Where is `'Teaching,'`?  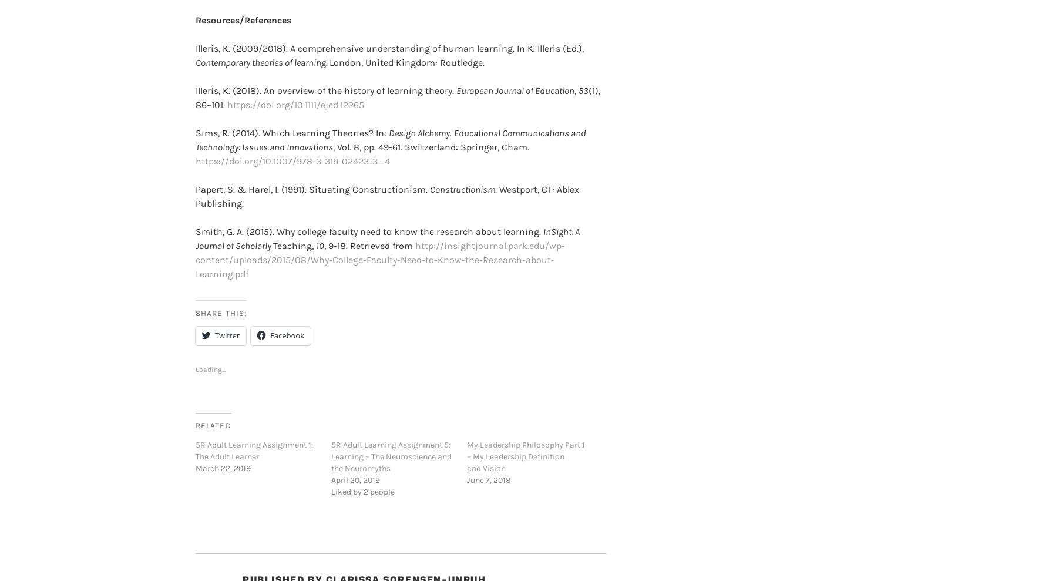 'Teaching,' is located at coordinates (294, 227).